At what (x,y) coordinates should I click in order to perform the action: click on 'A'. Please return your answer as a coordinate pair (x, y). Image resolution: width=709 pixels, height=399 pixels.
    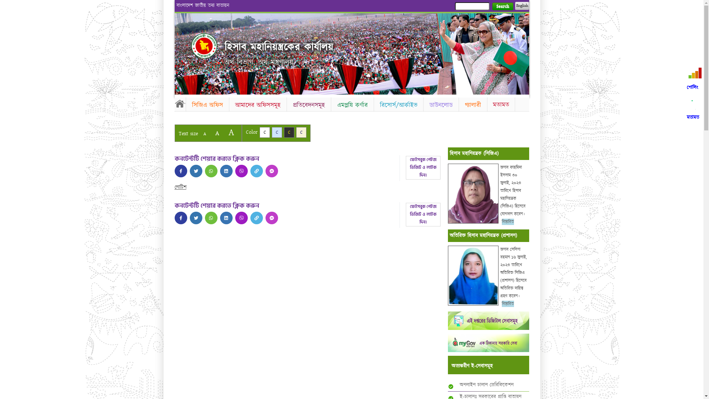
    Looking at the image, I should click on (230, 132).